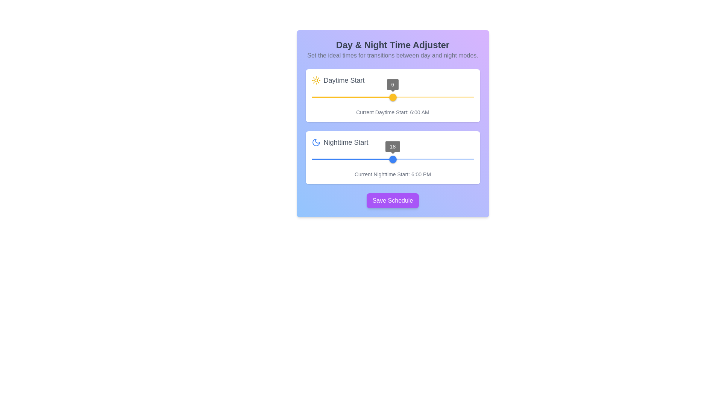  What do you see at coordinates (316, 80) in the screenshot?
I see `the daytime icon located on the left side of the 'Daytime Start' section, above the text 'Daytime Start'` at bounding box center [316, 80].